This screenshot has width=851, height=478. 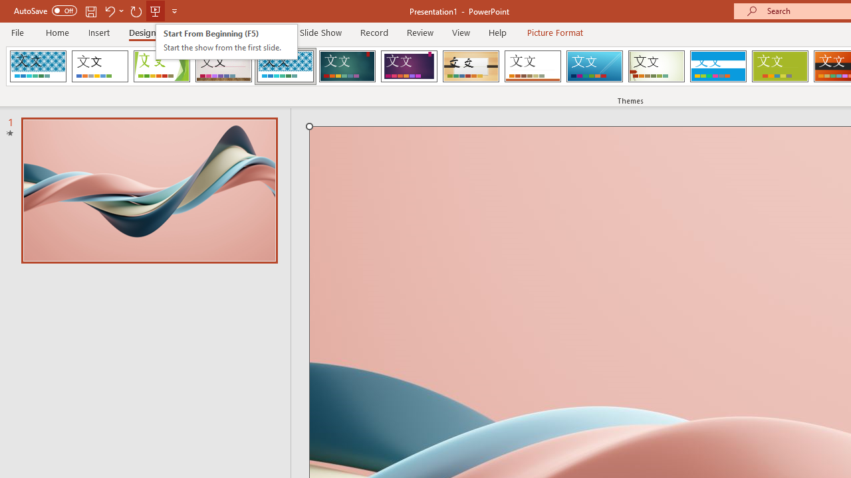 What do you see at coordinates (471, 66) in the screenshot?
I see `'Organic'` at bounding box center [471, 66].